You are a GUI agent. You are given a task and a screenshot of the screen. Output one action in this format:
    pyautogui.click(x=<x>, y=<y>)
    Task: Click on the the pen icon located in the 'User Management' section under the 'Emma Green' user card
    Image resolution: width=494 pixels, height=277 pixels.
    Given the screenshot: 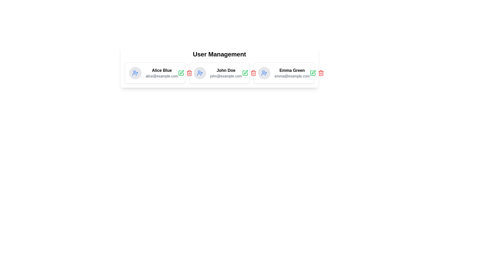 What is the action you would take?
    pyautogui.click(x=312, y=73)
    